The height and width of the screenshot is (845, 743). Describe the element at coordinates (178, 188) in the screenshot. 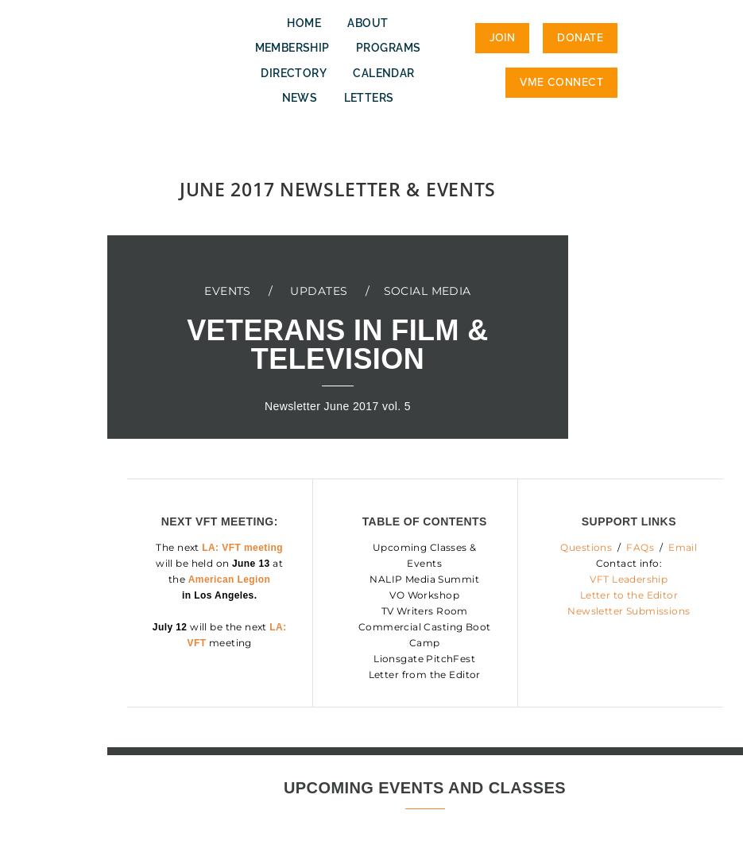

I see `'June 2017 Newsletter & Events'` at that location.